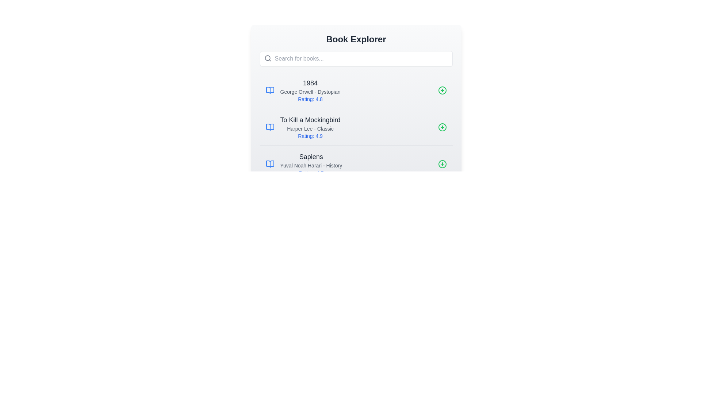  I want to click on the text label providing additional descriptive information about the author and genre of the book '1984', which is positioned directly below the title '1984' and above the rating '4.8', so click(310, 91).